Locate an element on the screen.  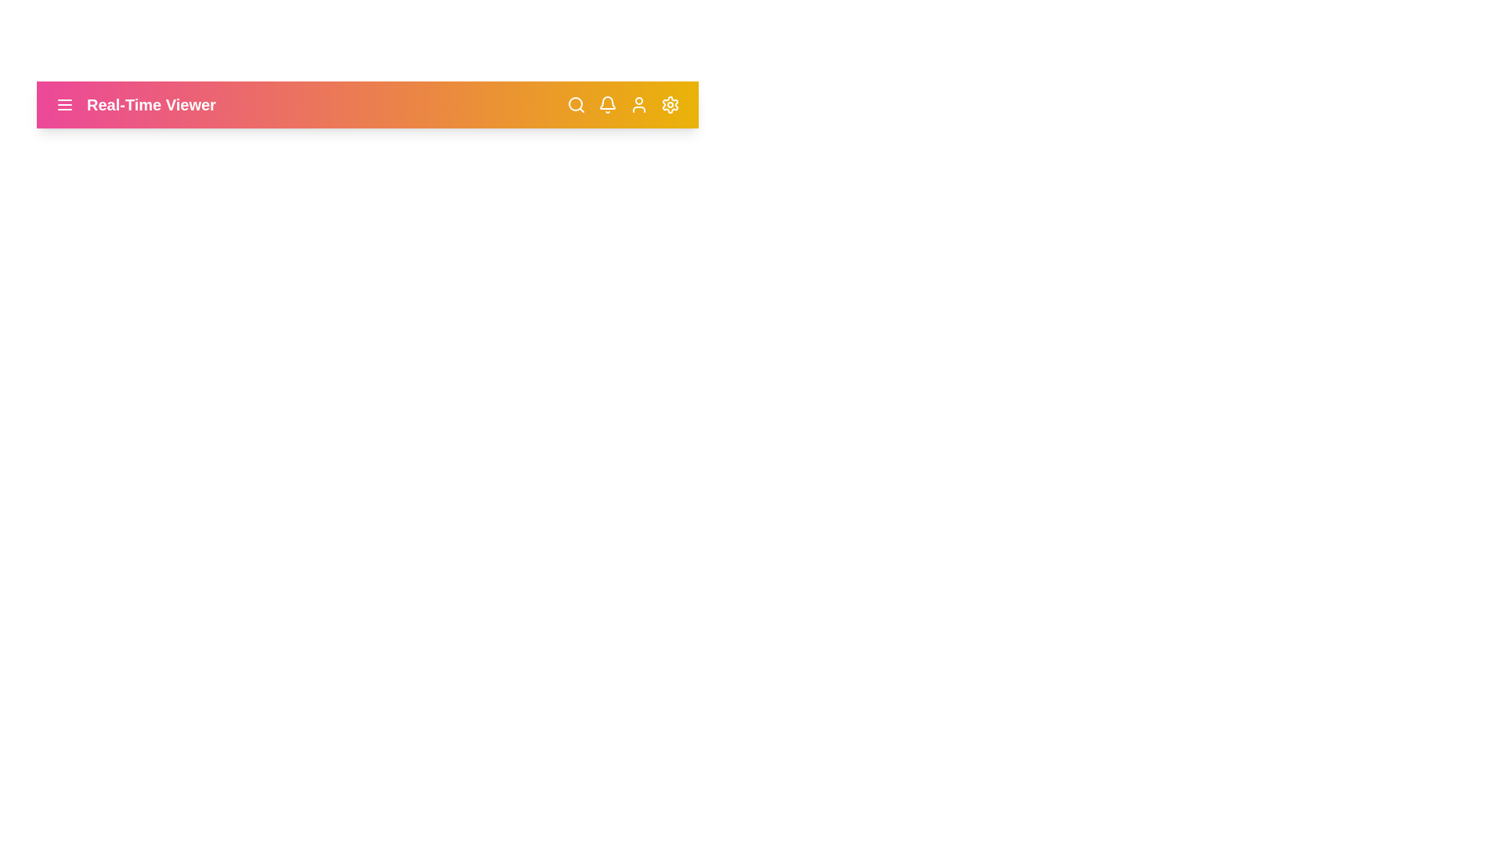
the settings icon to open the settings panel is located at coordinates (670, 105).